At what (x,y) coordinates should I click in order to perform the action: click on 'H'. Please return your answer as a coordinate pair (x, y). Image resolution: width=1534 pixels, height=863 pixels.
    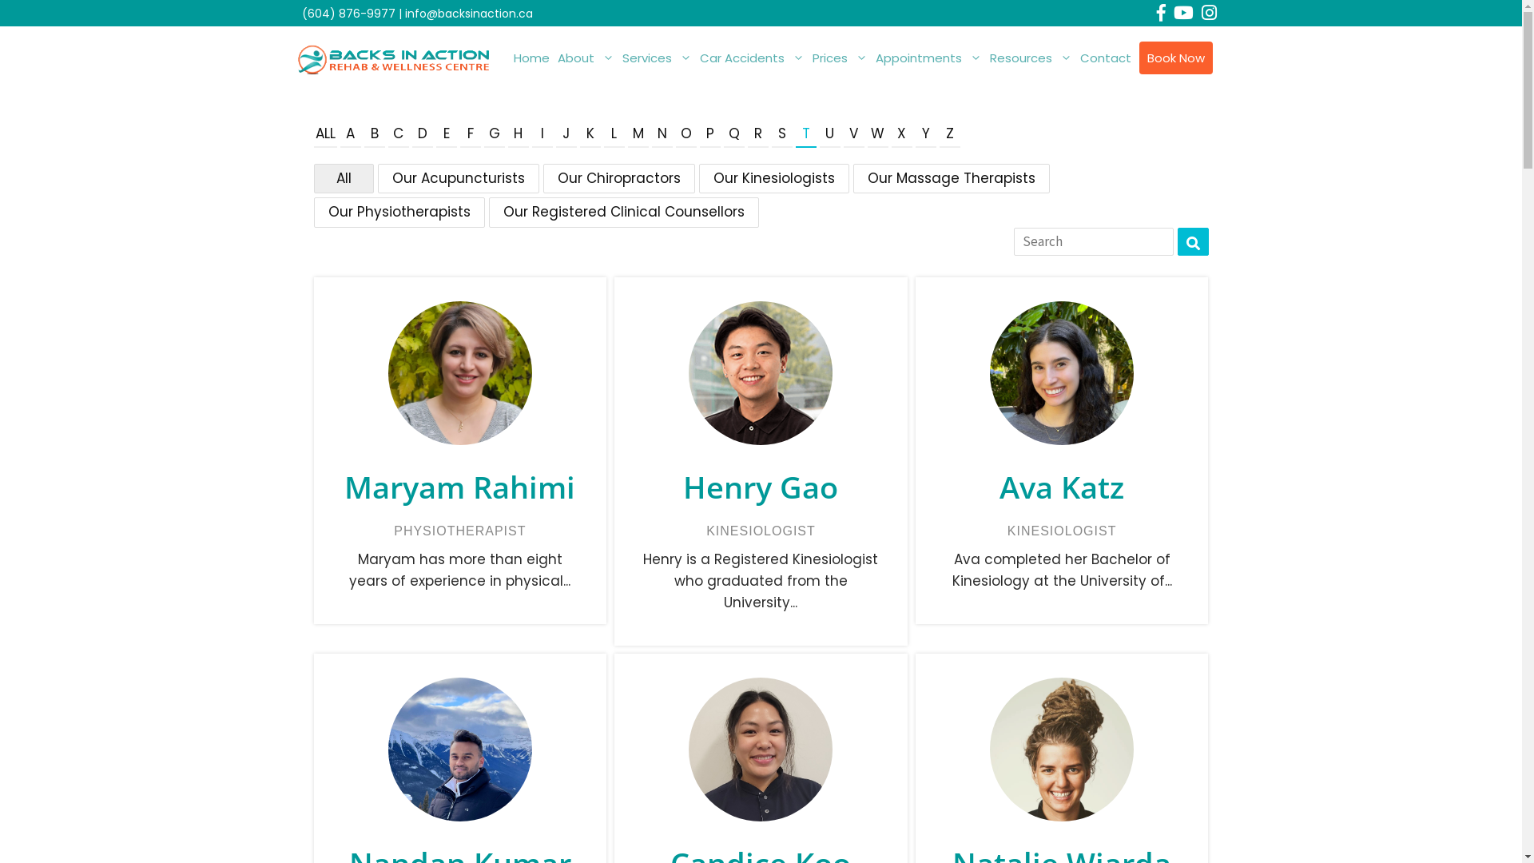
    Looking at the image, I should click on (507, 134).